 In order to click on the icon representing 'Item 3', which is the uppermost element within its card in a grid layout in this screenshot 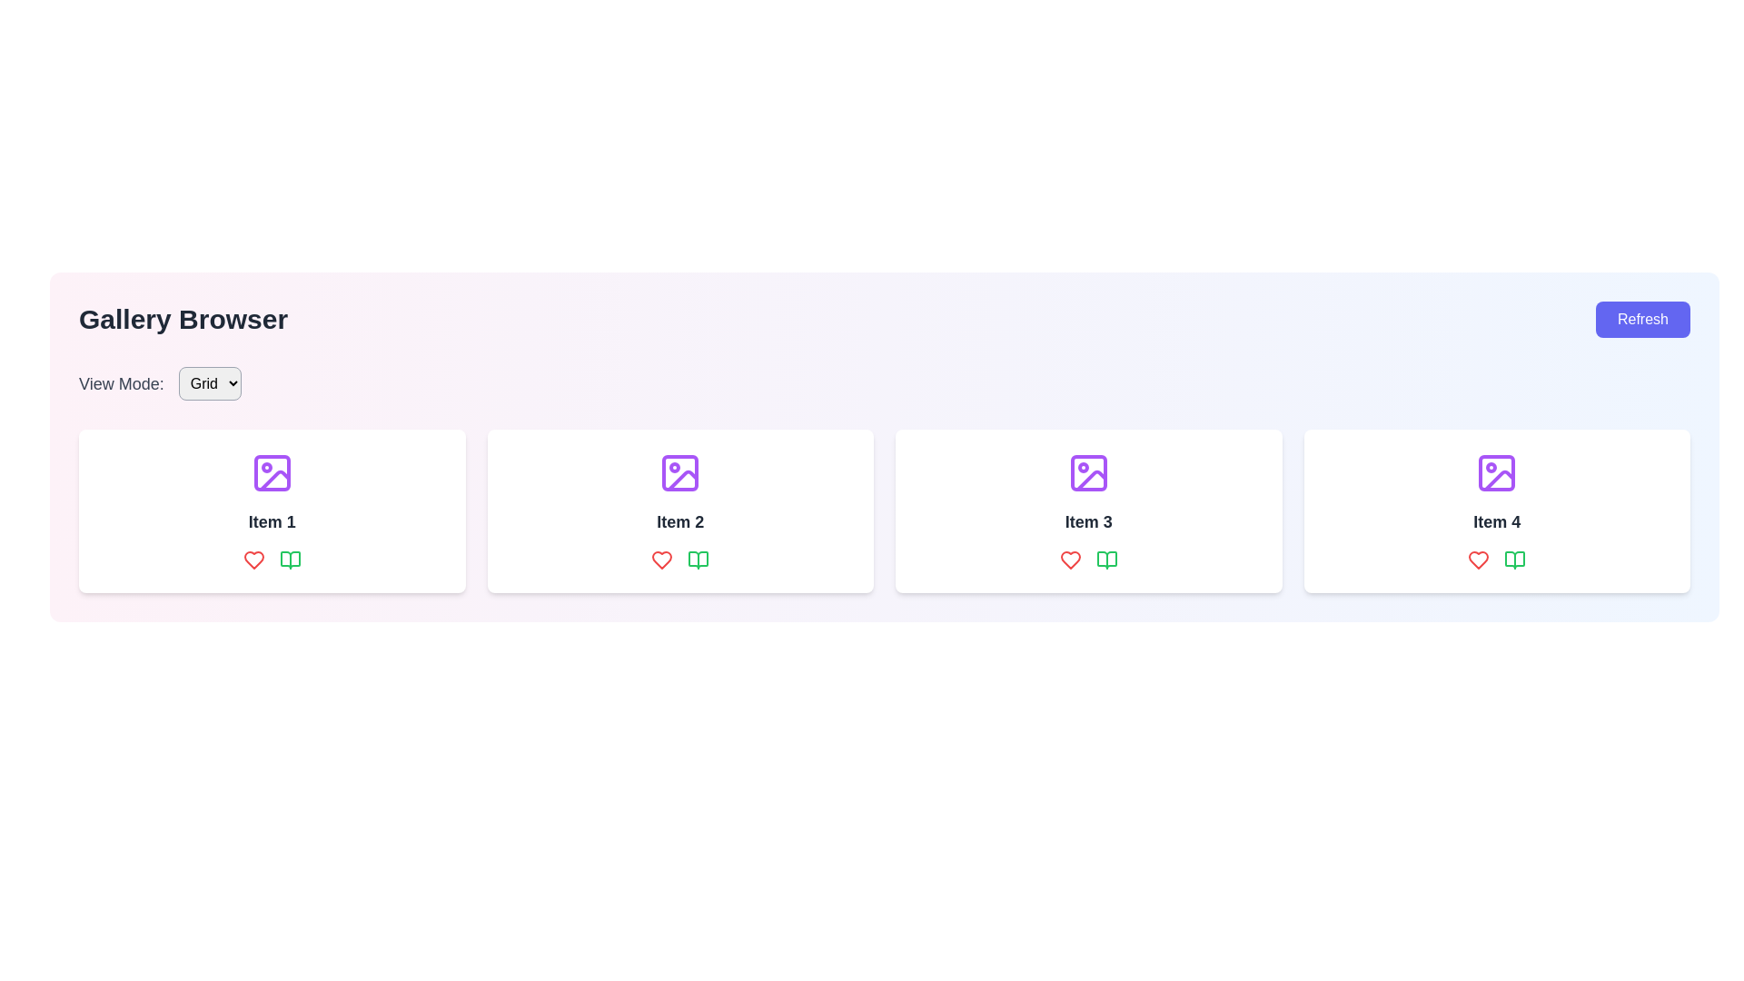, I will do `click(1088, 471)`.